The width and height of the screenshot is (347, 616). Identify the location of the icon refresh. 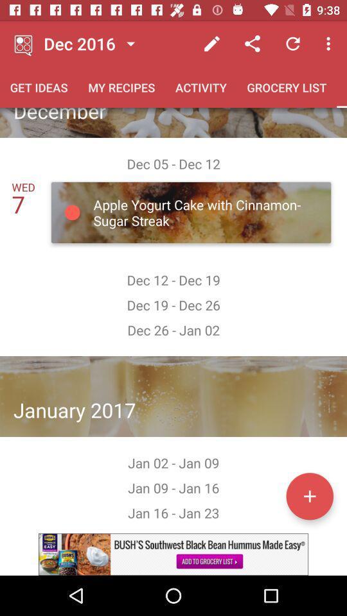
(293, 44).